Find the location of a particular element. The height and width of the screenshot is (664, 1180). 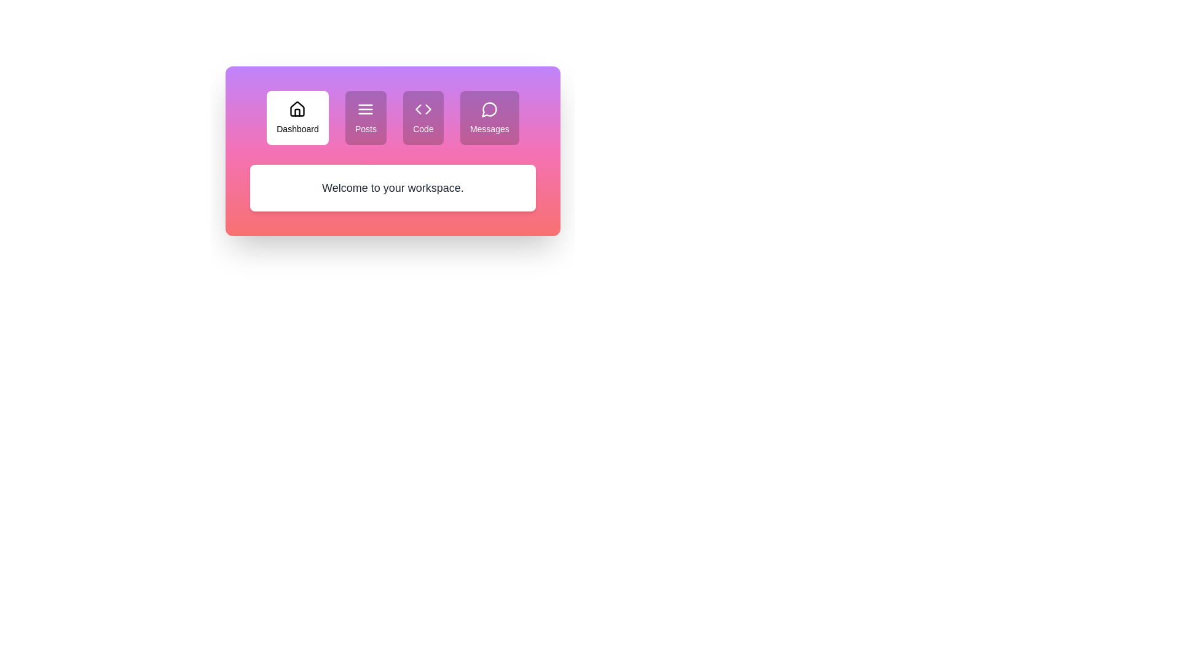

the tab labeled Code to navigate to its content is located at coordinates (423, 118).